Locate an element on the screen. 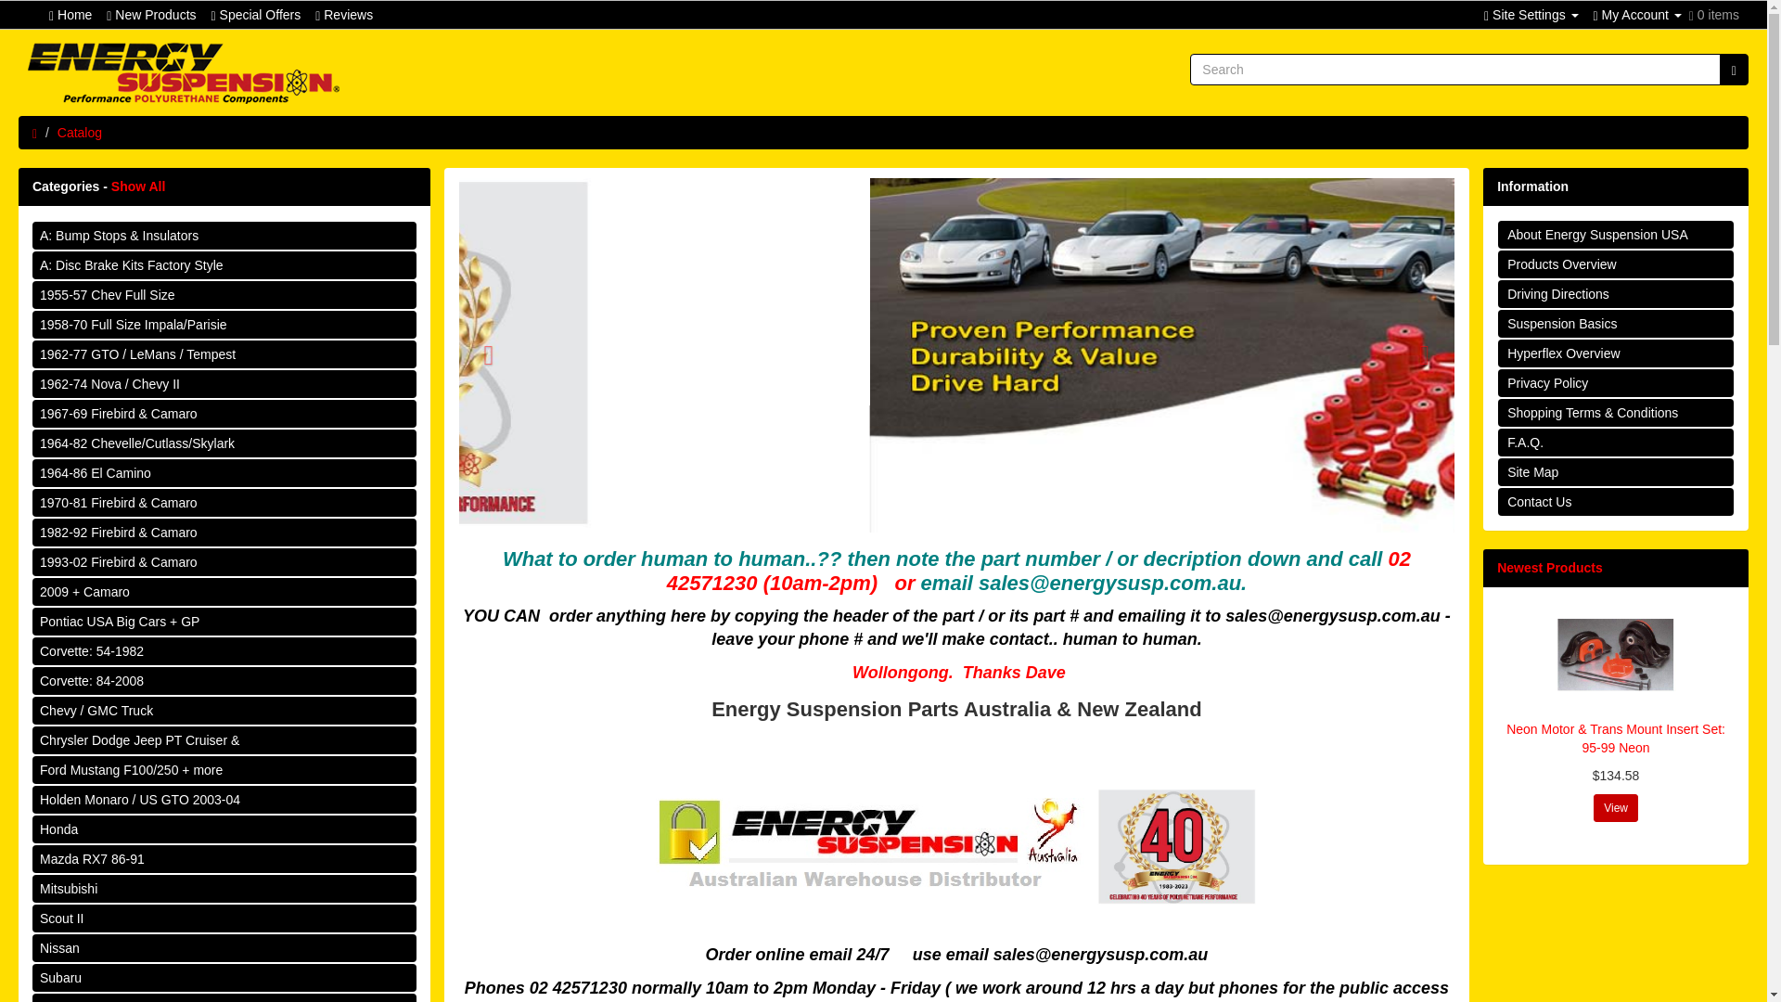  'Driving Directions' is located at coordinates (1615, 292).